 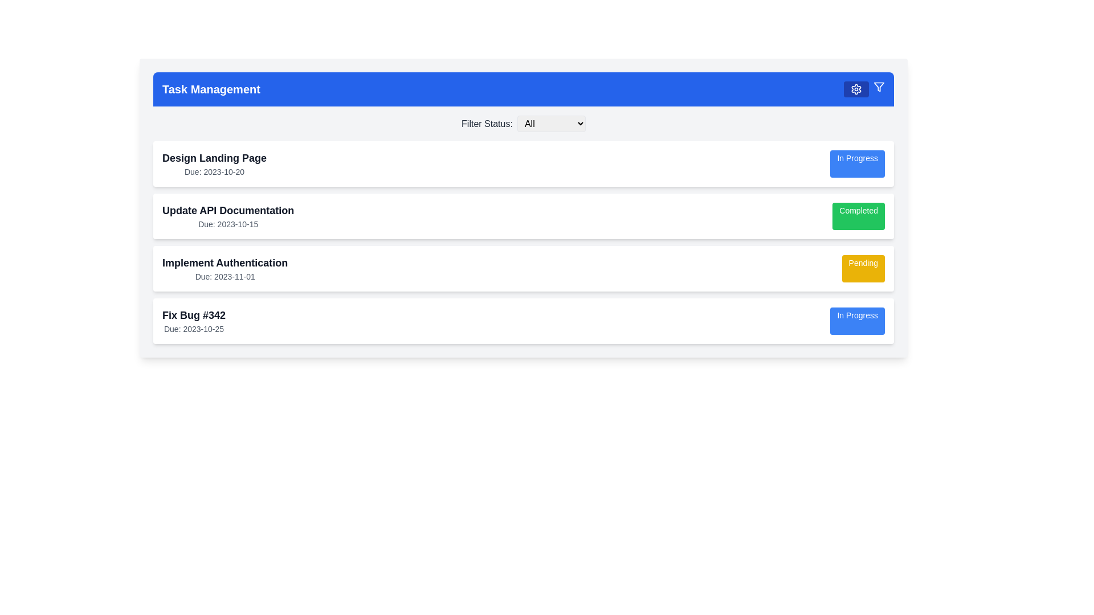 What do you see at coordinates (856, 89) in the screenshot?
I see `the settings icon button located in the top-right corner of the interface` at bounding box center [856, 89].